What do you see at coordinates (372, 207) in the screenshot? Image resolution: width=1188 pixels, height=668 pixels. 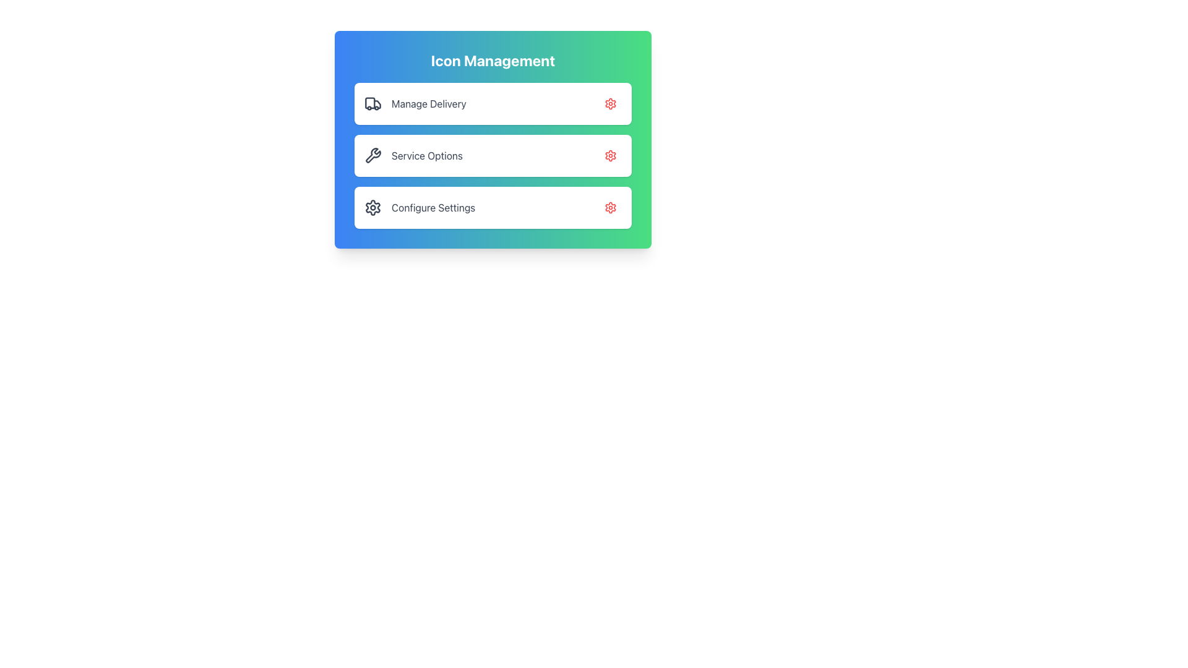 I see `the settings icon located before the text 'Configure Settings'` at bounding box center [372, 207].